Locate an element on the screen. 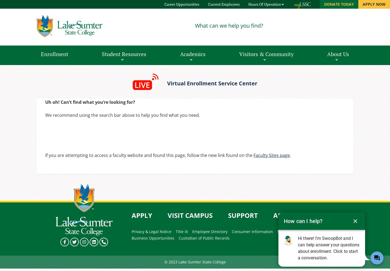  'Visit Campus' is located at coordinates (167, 215).